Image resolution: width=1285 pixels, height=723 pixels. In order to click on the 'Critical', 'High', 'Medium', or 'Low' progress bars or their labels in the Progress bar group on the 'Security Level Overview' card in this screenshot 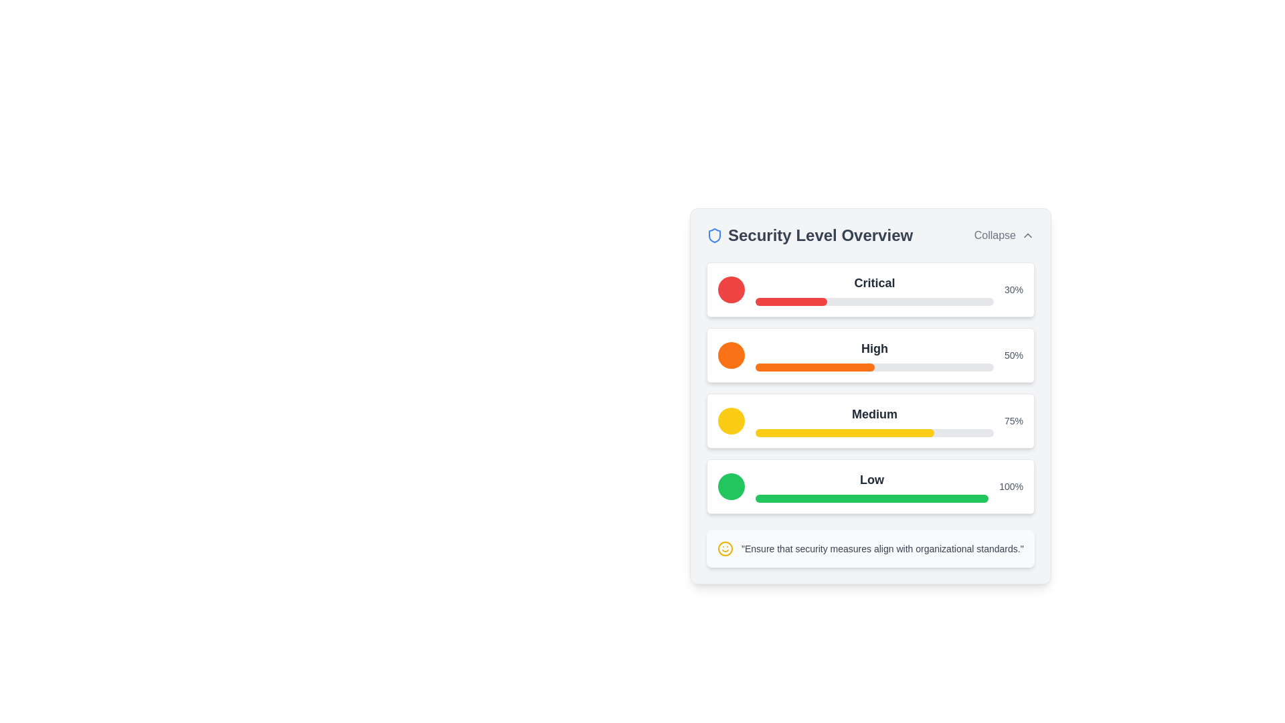, I will do `click(870, 388)`.